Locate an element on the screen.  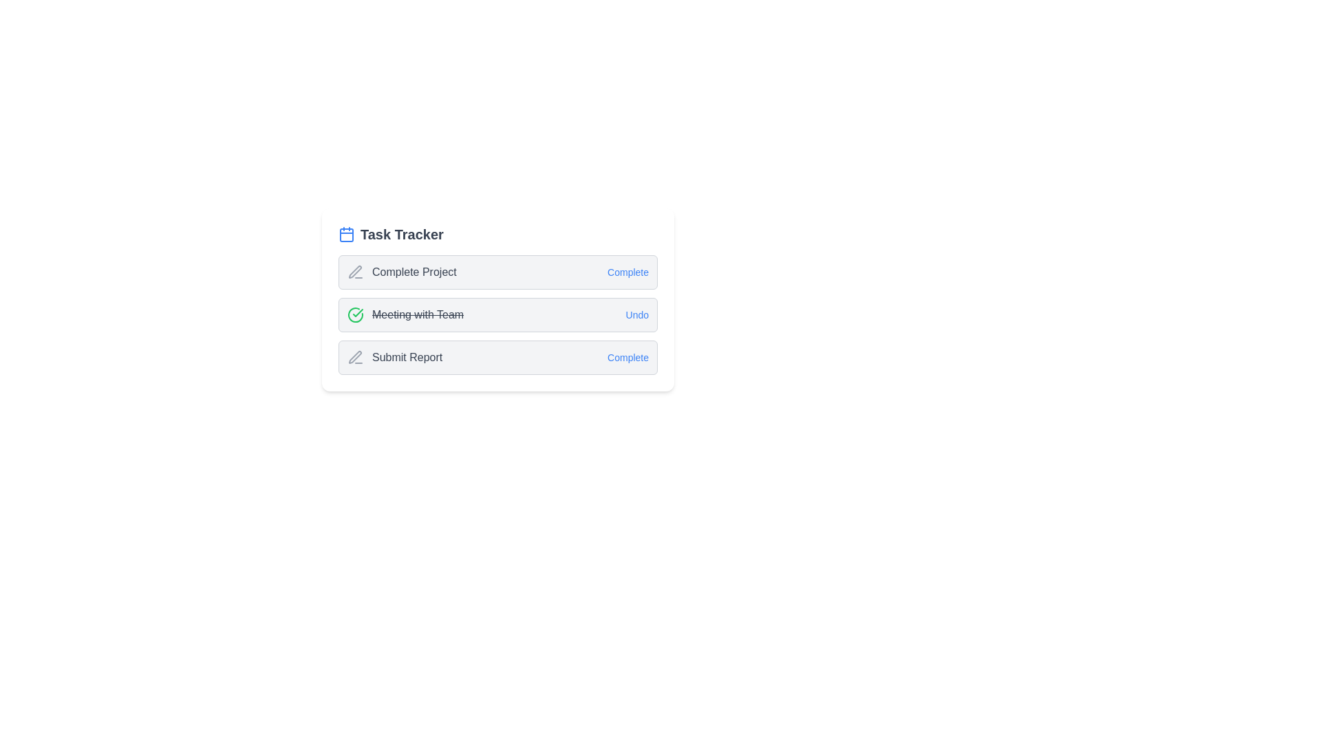
the hyperlink located on the far right of the 'Complete Project' task row is located at coordinates (627, 272).